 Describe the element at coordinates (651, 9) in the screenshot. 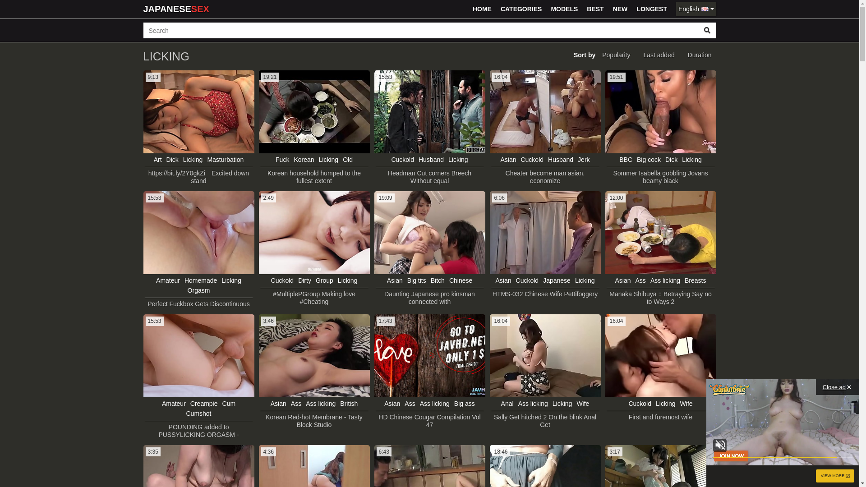

I see `'LONGEST'` at that location.